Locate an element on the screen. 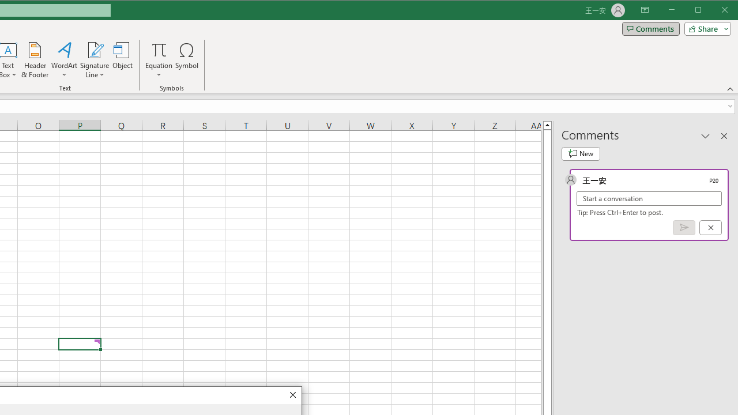  'Signature Line' is located at coordinates (95, 60).